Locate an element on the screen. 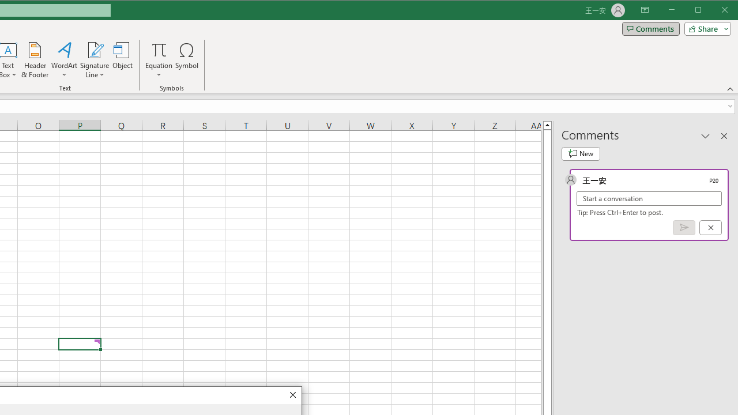  'Signature Line' is located at coordinates (95, 60).